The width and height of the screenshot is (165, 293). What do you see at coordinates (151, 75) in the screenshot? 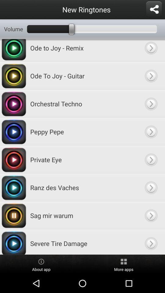
I see `ringtone` at bounding box center [151, 75].